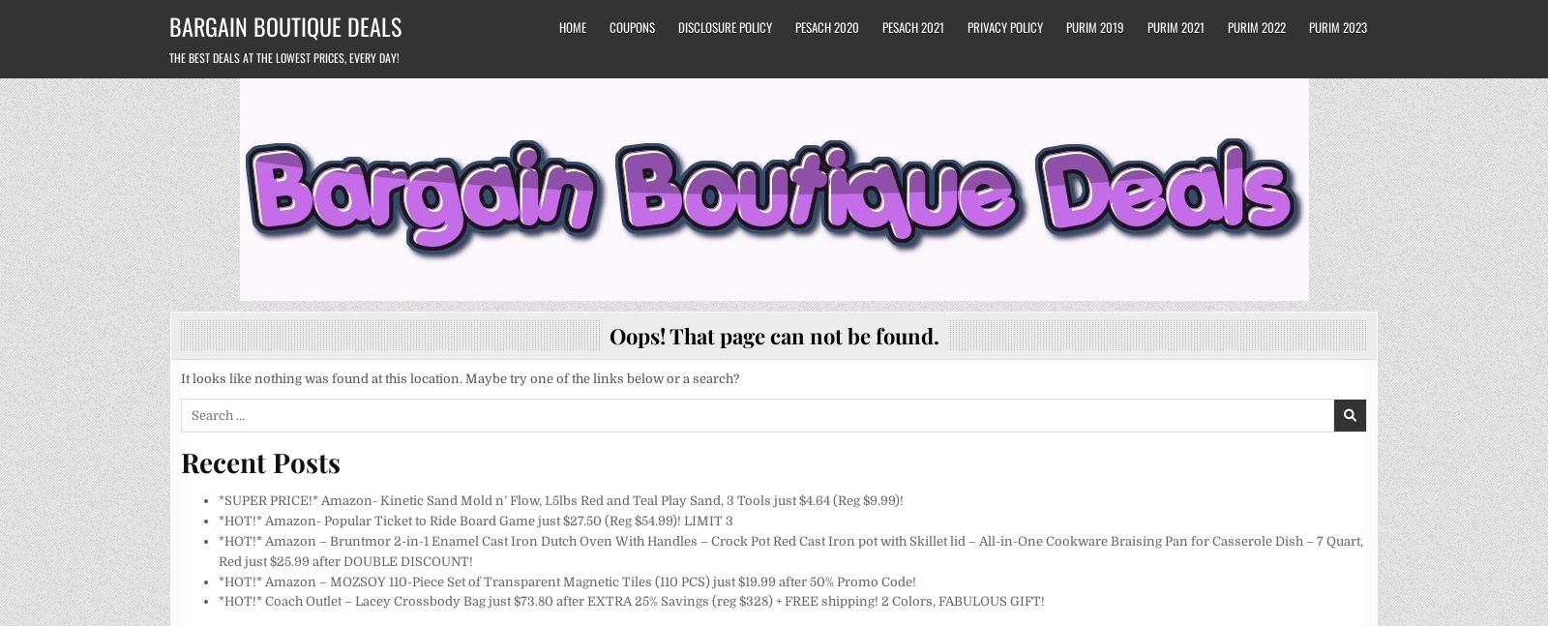 The image size is (1548, 626). What do you see at coordinates (475, 520) in the screenshot?
I see `'*HOT!* Amazon- Popular Ticket to Ride Board Game just $27.50 (Reg $54.99)! LIMIT 3'` at bounding box center [475, 520].